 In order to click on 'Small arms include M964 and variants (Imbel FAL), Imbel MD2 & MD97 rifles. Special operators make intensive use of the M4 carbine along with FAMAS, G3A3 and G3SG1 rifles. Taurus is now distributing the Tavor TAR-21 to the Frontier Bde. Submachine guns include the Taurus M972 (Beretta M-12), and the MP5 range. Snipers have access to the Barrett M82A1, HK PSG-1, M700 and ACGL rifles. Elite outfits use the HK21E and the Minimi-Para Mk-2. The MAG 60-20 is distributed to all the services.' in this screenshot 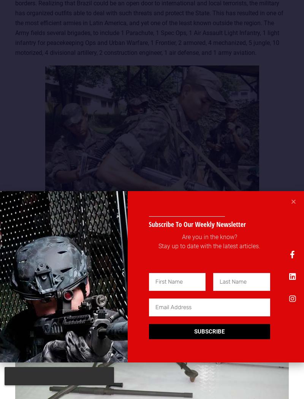, I will do `click(150, 274)`.